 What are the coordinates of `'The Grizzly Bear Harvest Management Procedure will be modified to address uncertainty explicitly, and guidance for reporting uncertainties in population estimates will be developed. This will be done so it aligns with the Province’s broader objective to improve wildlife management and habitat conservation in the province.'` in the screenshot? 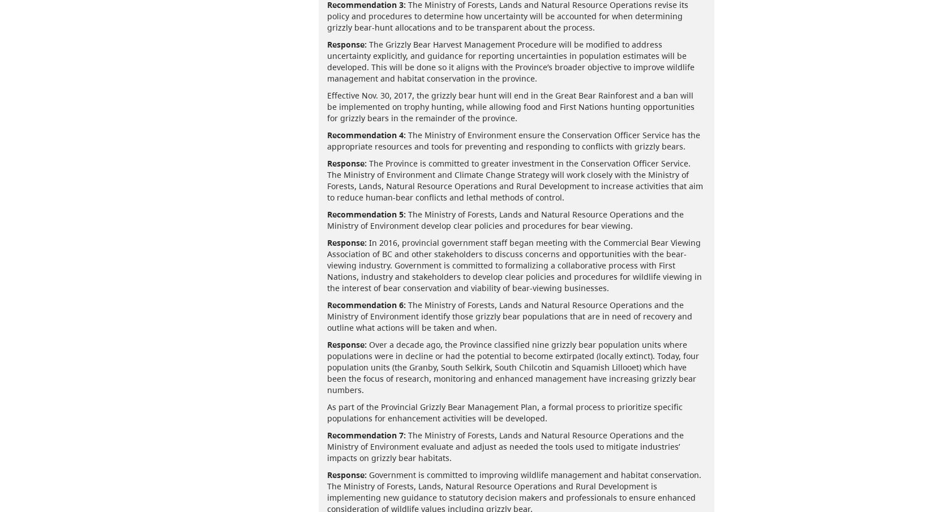 It's located at (510, 61).